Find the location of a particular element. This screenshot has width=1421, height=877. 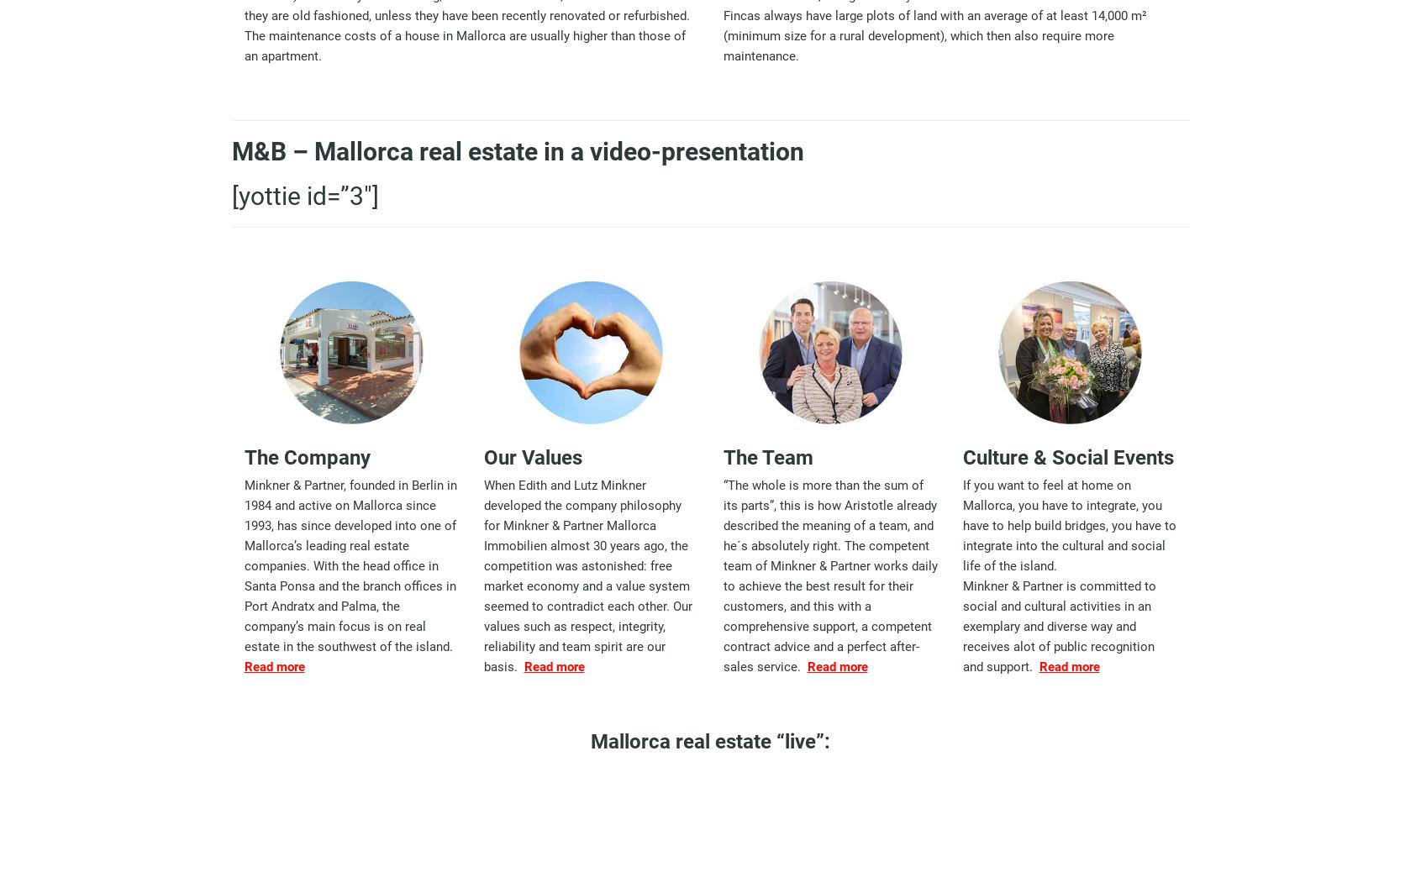

'“The whole is more than the sum of its parts”, this is how Aristotle already described the meaning of a team, and he´s absolutely right. The competent team of Minkner & Partner works daily to achieve the best result for their customers, and this with a comprehensive support, a competent contract advice and a perfect after-sales service.' is located at coordinates (723, 574).